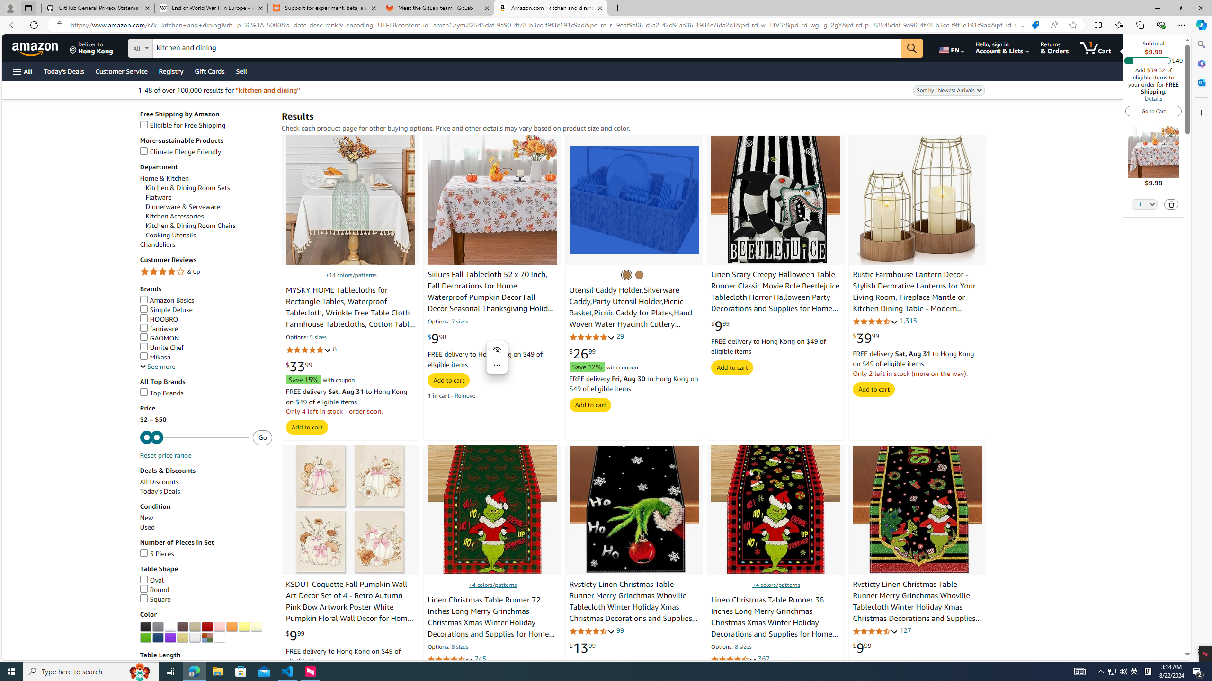 Image resolution: width=1212 pixels, height=681 pixels. Describe the element at coordinates (121, 71) in the screenshot. I see `'Customer Service'` at that location.